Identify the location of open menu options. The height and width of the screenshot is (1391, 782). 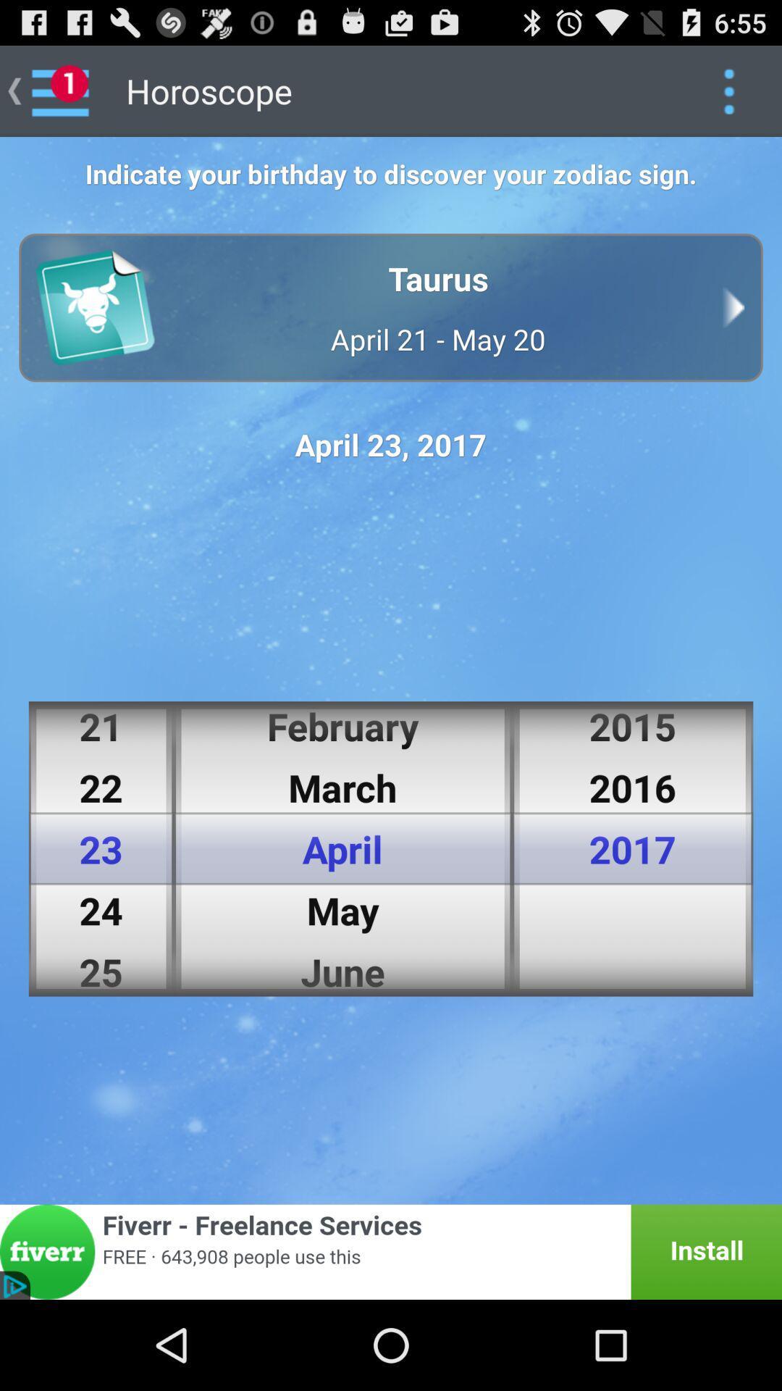
(728, 90).